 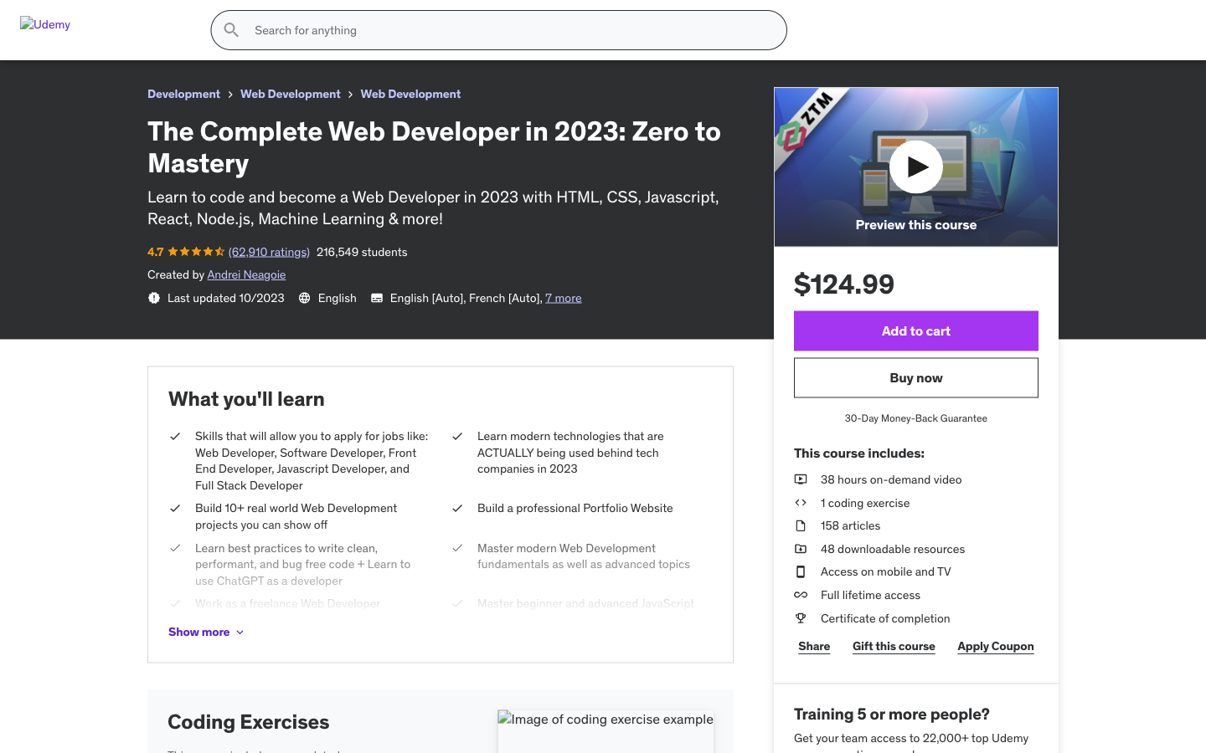 I want to click on Go back to the UPS main page, so click(x=72, y=49).